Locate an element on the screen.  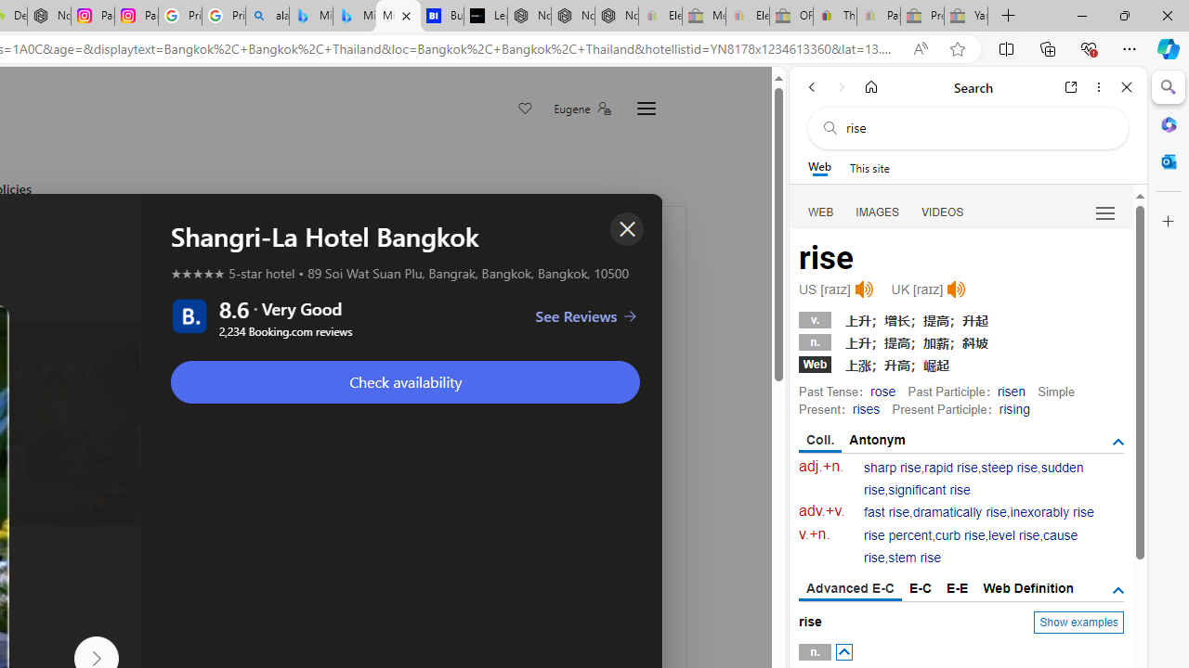
'Antonym' is located at coordinates (877, 440).